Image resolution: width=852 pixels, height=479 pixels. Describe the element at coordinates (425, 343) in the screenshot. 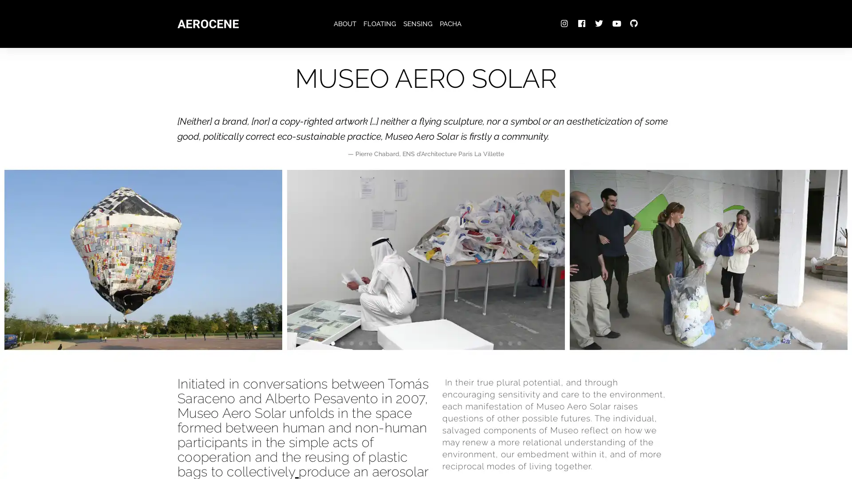

I see `Go to slide 11` at that location.